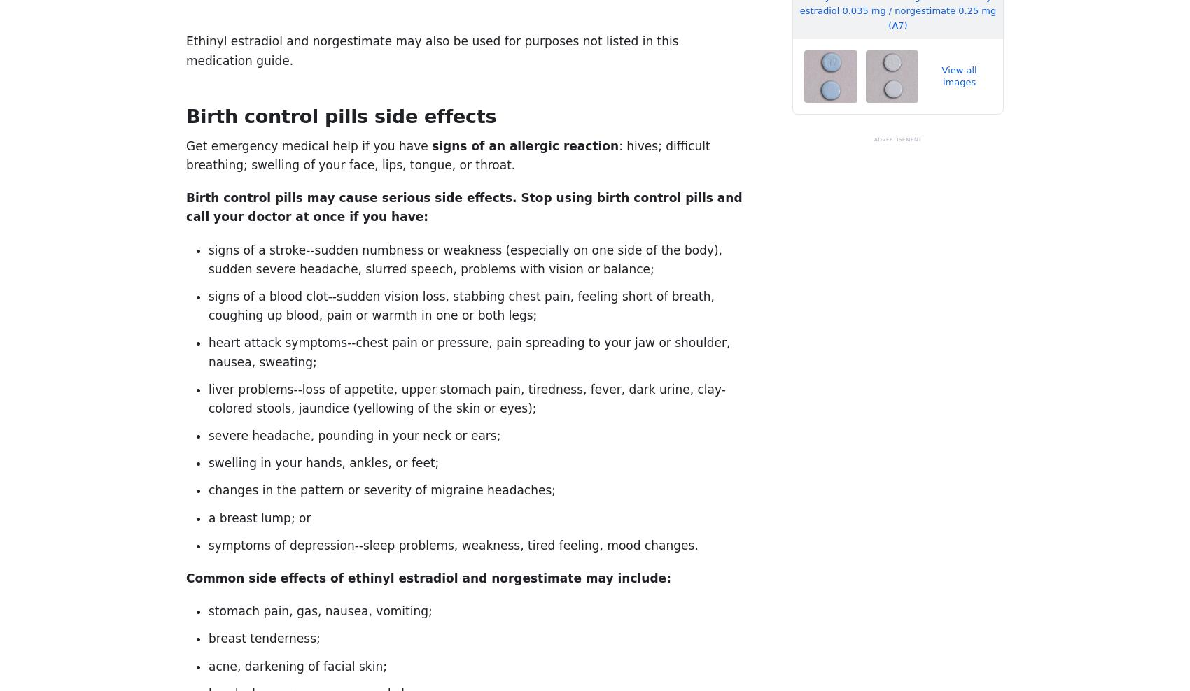 The image size is (1190, 691). What do you see at coordinates (381, 490) in the screenshot?
I see `'changes in the pattern or severity of migraine headaches;'` at bounding box center [381, 490].